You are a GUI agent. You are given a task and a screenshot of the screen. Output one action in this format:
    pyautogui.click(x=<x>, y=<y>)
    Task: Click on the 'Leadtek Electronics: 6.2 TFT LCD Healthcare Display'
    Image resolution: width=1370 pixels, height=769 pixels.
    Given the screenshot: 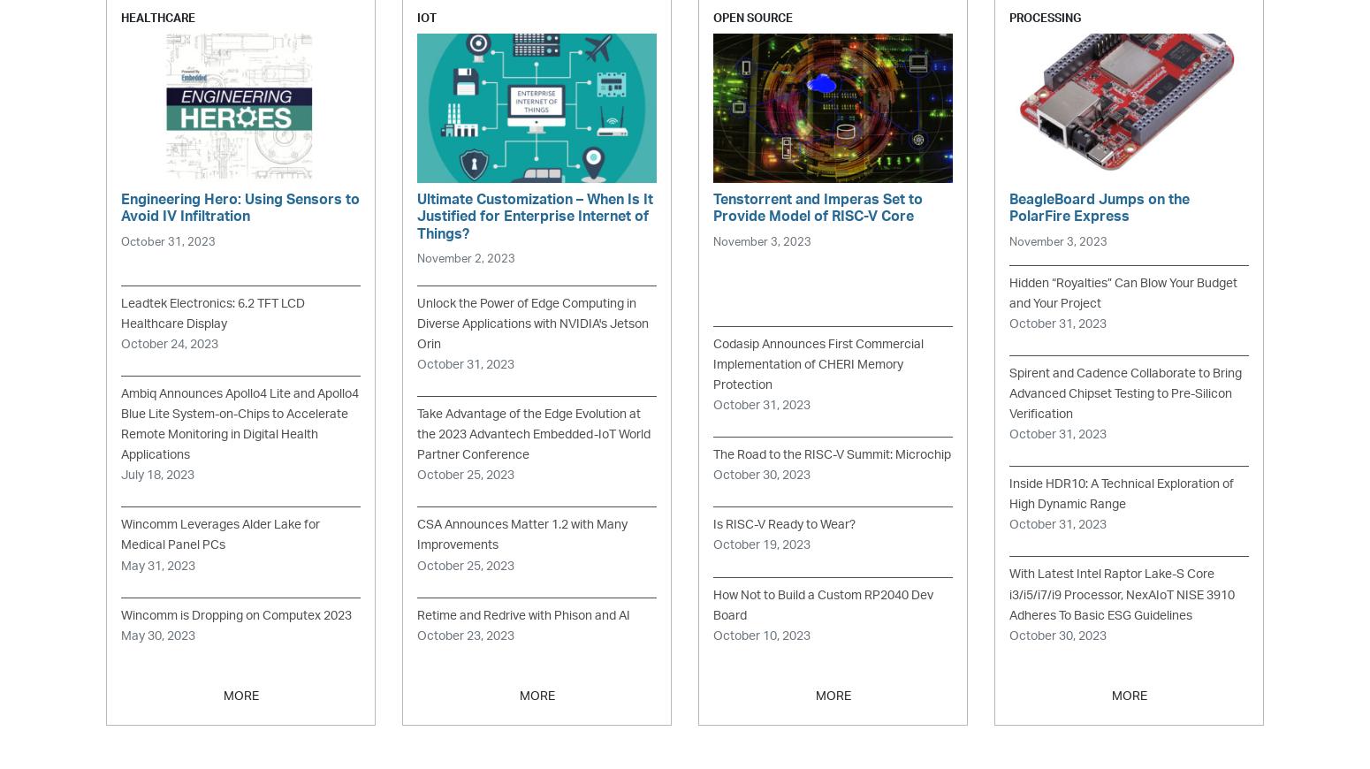 What is the action you would take?
    pyautogui.click(x=213, y=313)
    